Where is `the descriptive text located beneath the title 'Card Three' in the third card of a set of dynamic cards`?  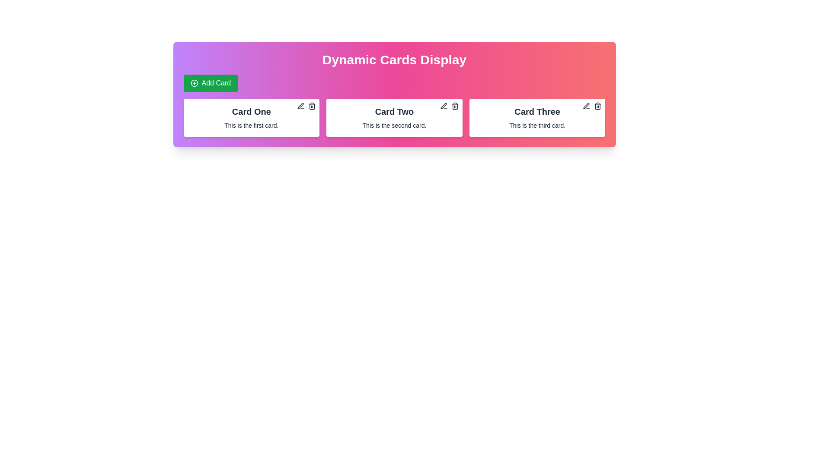 the descriptive text located beneath the title 'Card Three' in the third card of a set of dynamic cards is located at coordinates (537, 125).